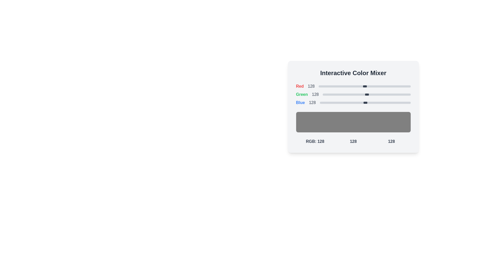 The image size is (491, 276). I want to click on the blue value, so click(387, 102).